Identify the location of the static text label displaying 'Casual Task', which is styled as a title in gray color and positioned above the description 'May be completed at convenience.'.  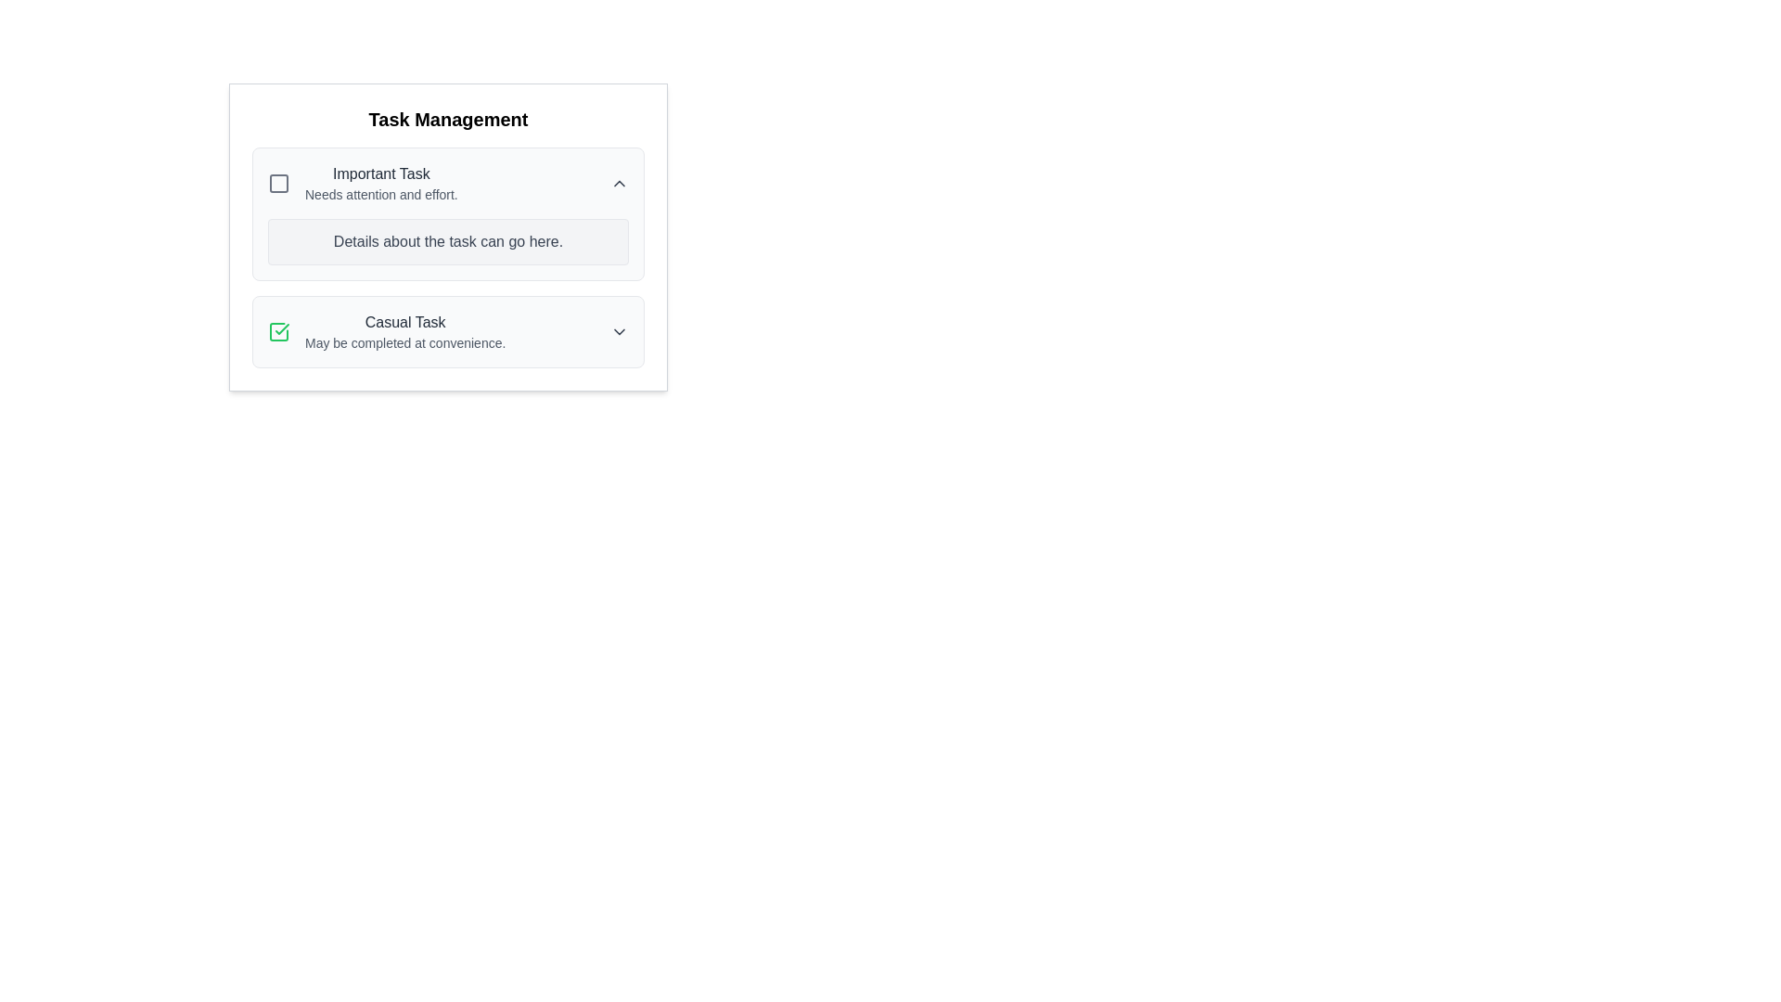
(404, 321).